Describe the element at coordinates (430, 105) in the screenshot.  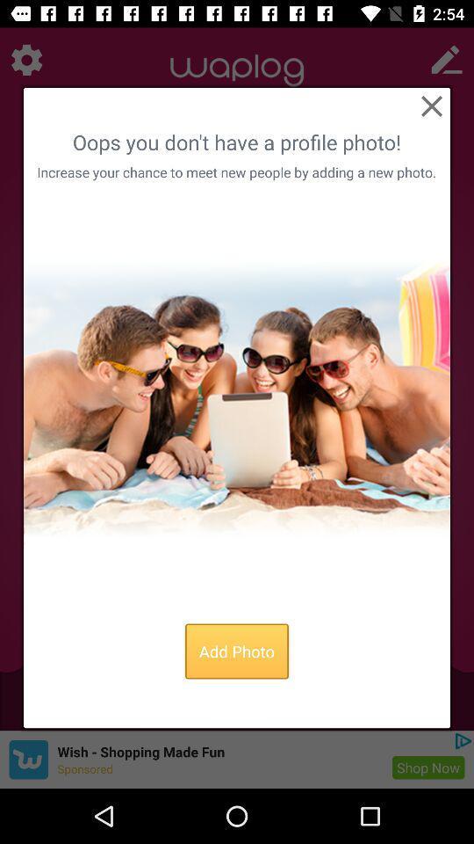
I see `get rid off advertisement` at that location.